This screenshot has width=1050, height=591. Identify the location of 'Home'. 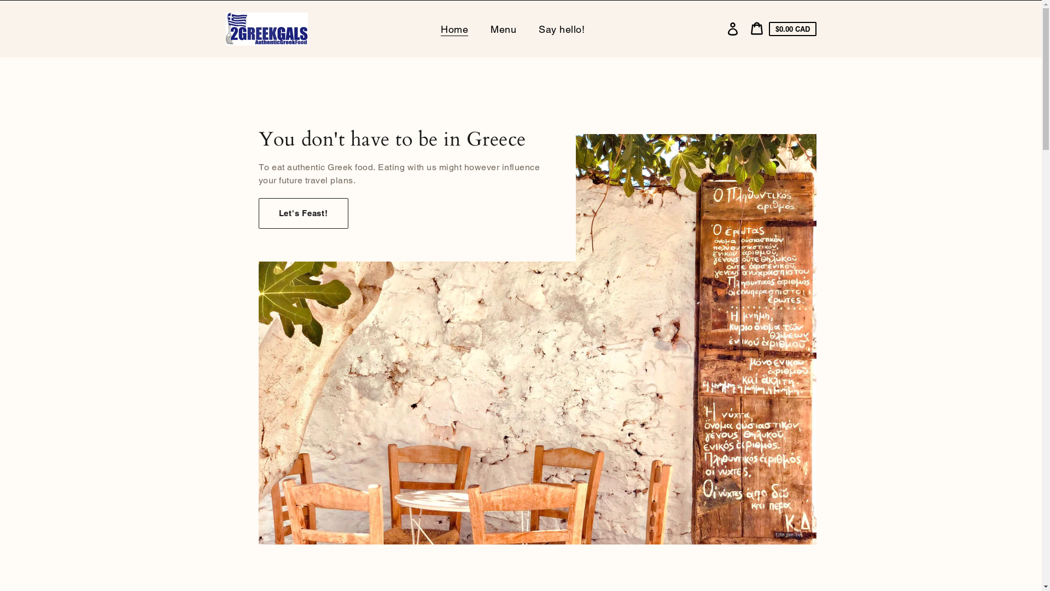
(456, 28).